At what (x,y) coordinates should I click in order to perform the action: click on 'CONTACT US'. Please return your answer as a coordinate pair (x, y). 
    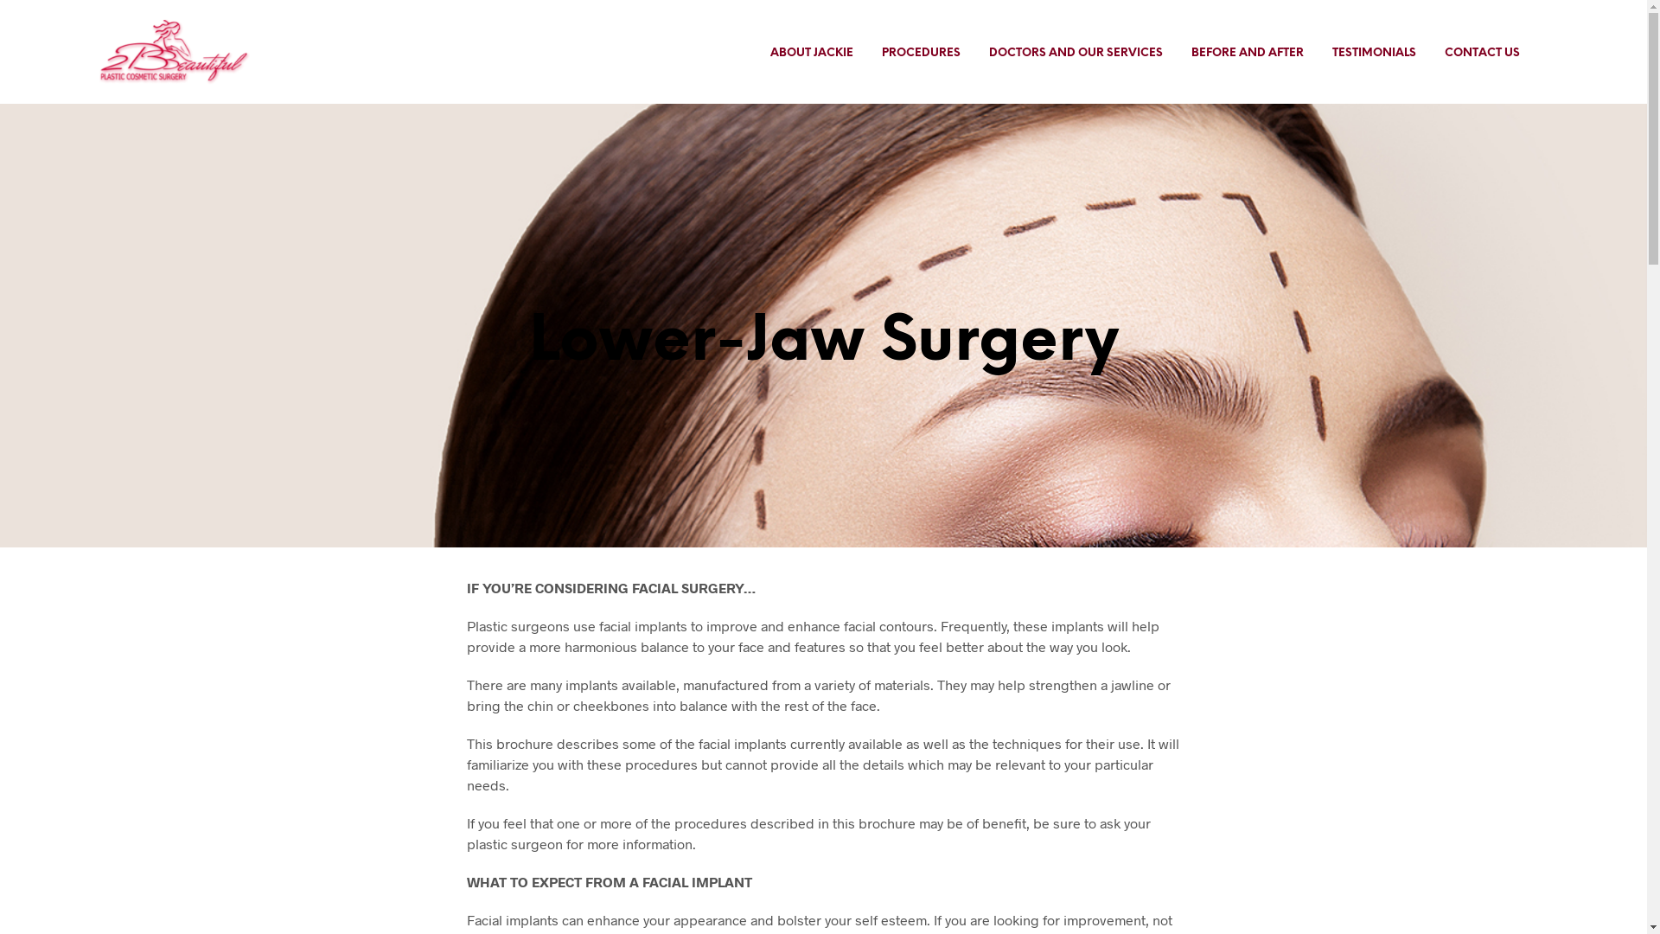
    Looking at the image, I should click on (1481, 52).